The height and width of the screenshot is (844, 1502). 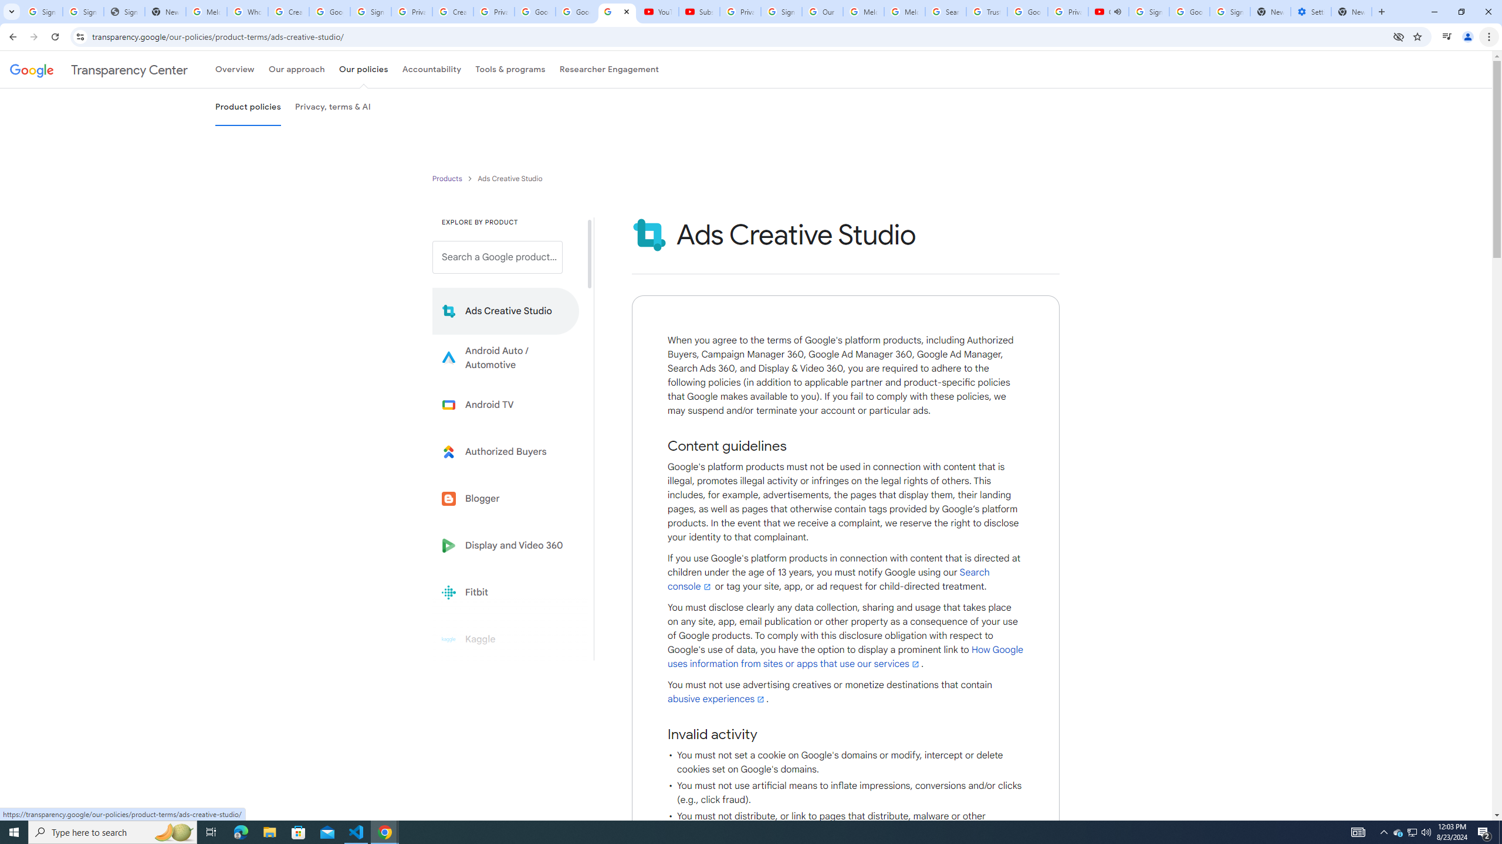 What do you see at coordinates (610, 69) in the screenshot?
I see `'Researcher Engagement'` at bounding box center [610, 69].